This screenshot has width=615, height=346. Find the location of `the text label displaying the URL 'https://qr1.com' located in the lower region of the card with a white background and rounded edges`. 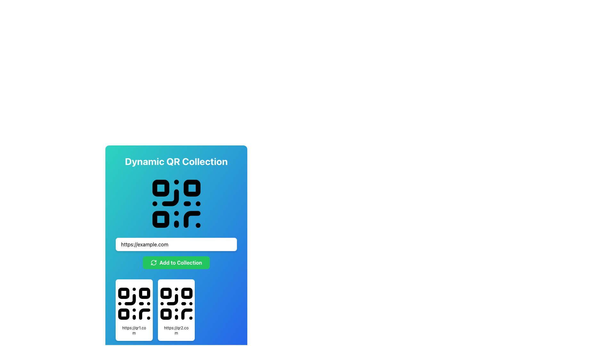

the text label displaying the URL 'https://qr1.com' located in the lower region of the card with a white background and rounded edges is located at coordinates (134, 331).